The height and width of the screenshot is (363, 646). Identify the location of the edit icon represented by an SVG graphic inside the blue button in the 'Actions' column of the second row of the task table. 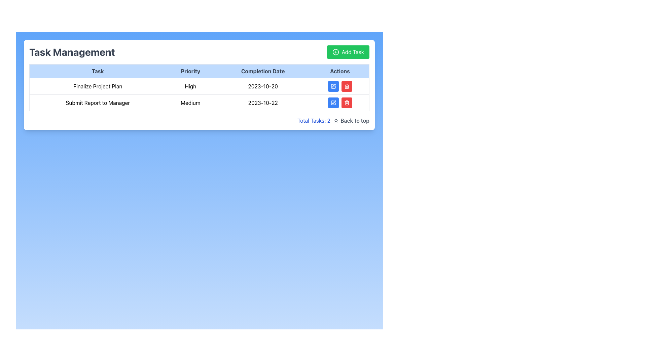
(333, 86).